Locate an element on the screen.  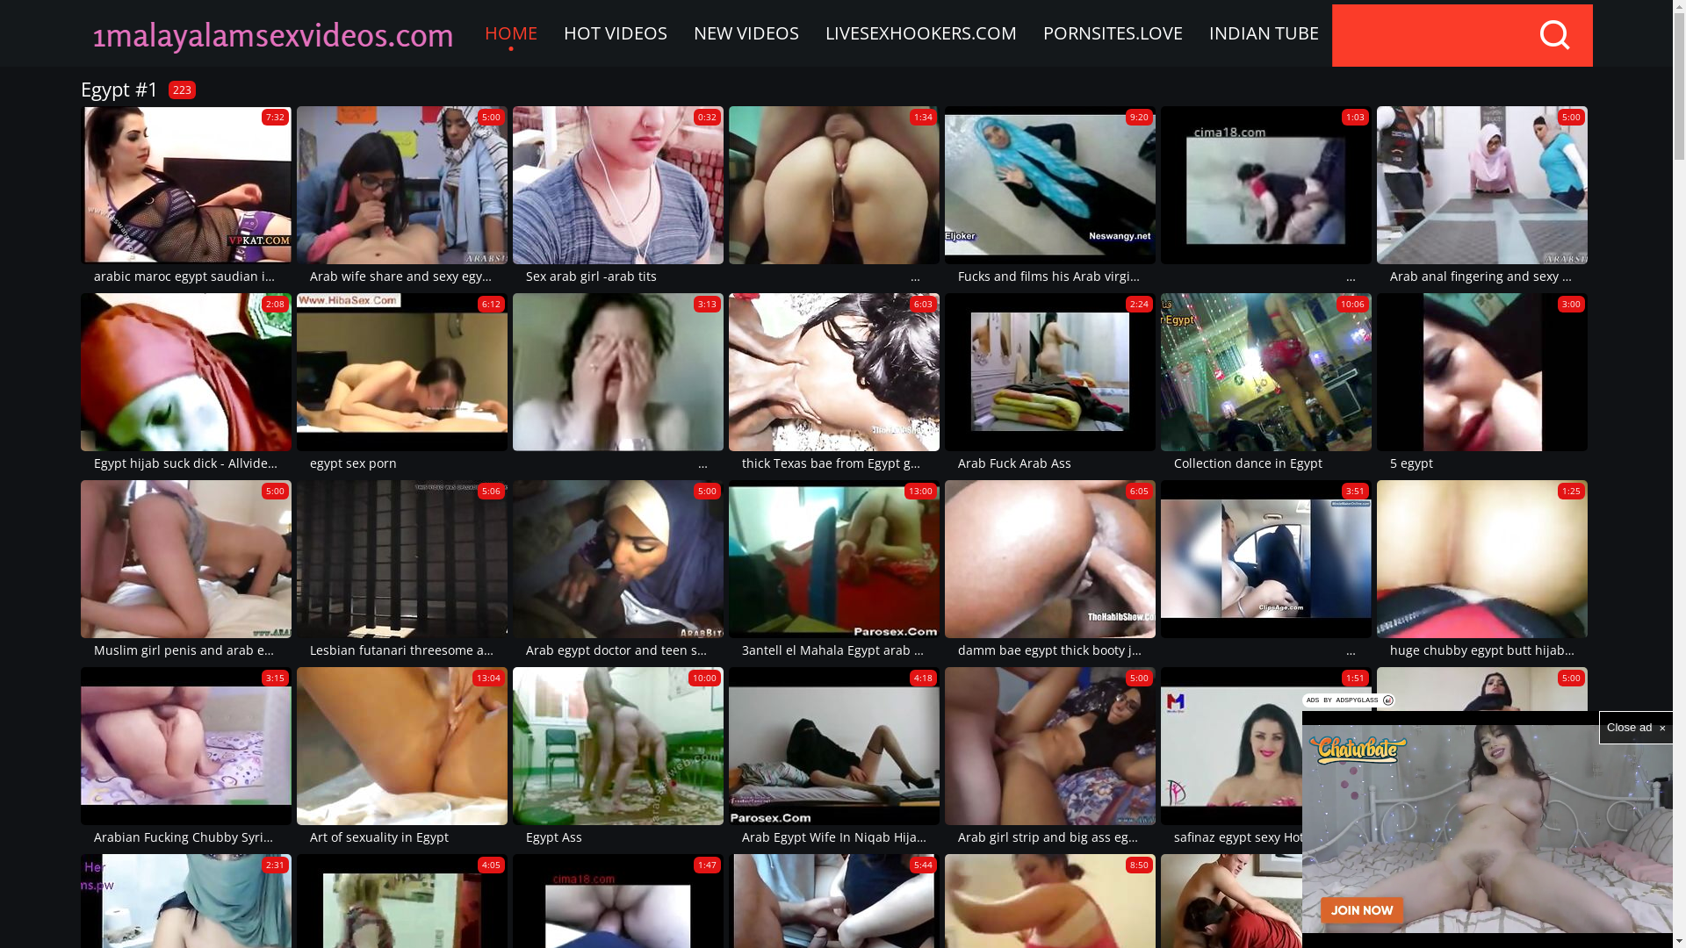
'5:00 is located at coordinates (1481, 197).